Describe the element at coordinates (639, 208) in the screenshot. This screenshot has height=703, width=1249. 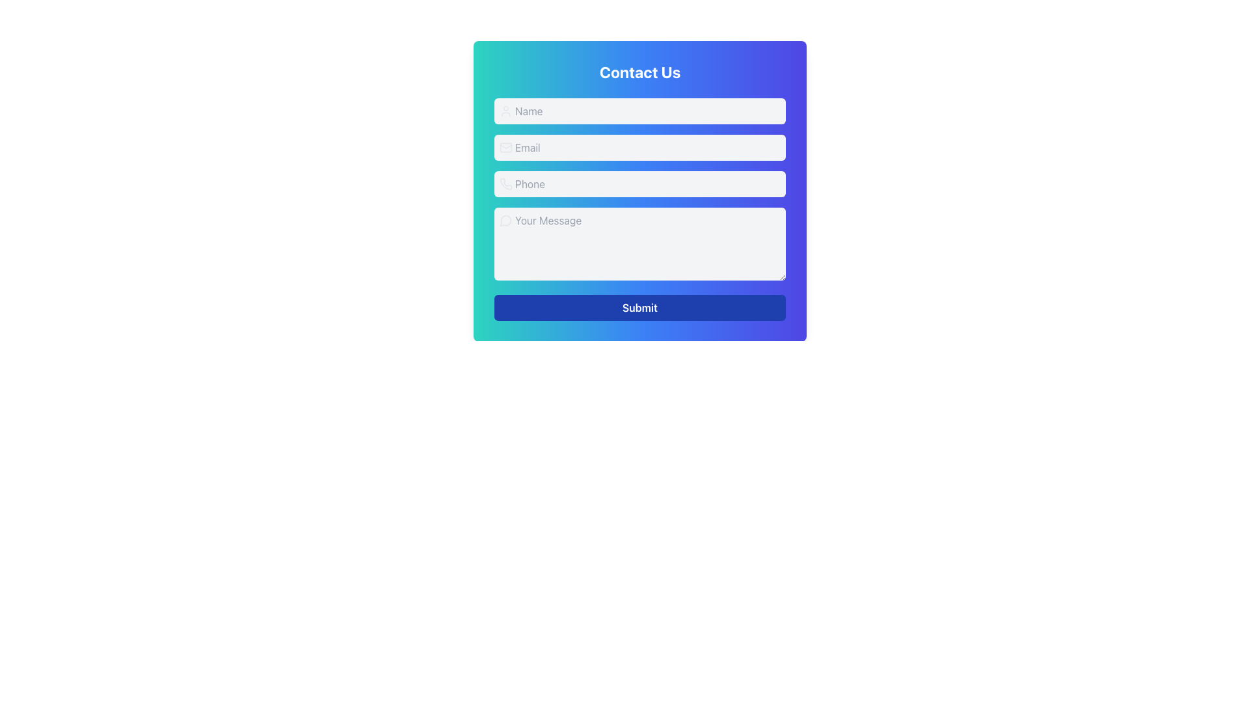
I see `to focus on the multi-line text input area located below the Name, Email, and Phone fields in the Contact Us form` at that location.